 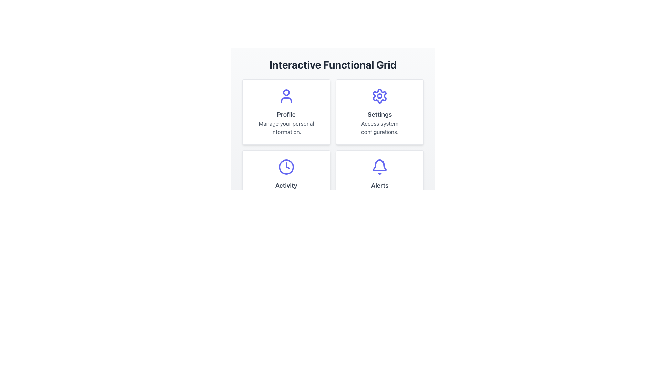 I want to click on the settings icon located in the upper right section of the grid layout, which represents system settings or configuration options, so click(x=379, y=96).